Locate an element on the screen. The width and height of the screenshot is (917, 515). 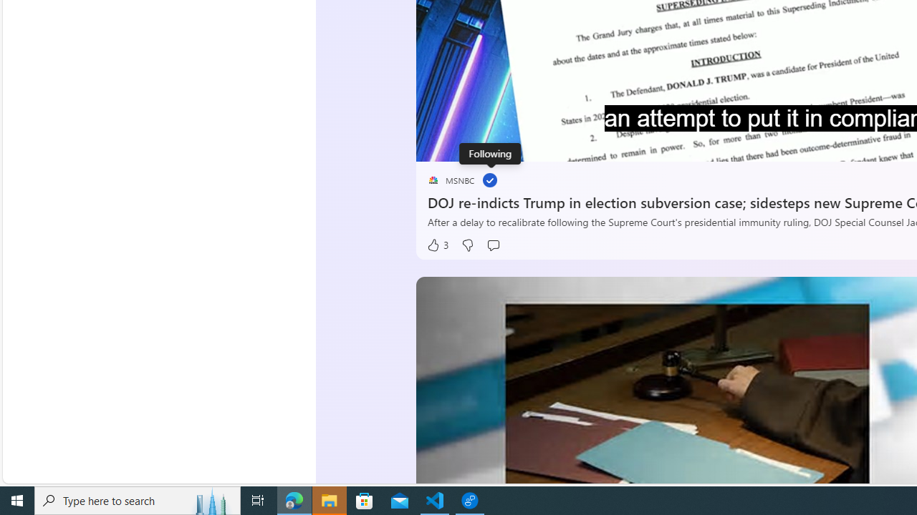
'3 Like' is located at coordinates (437, 245).